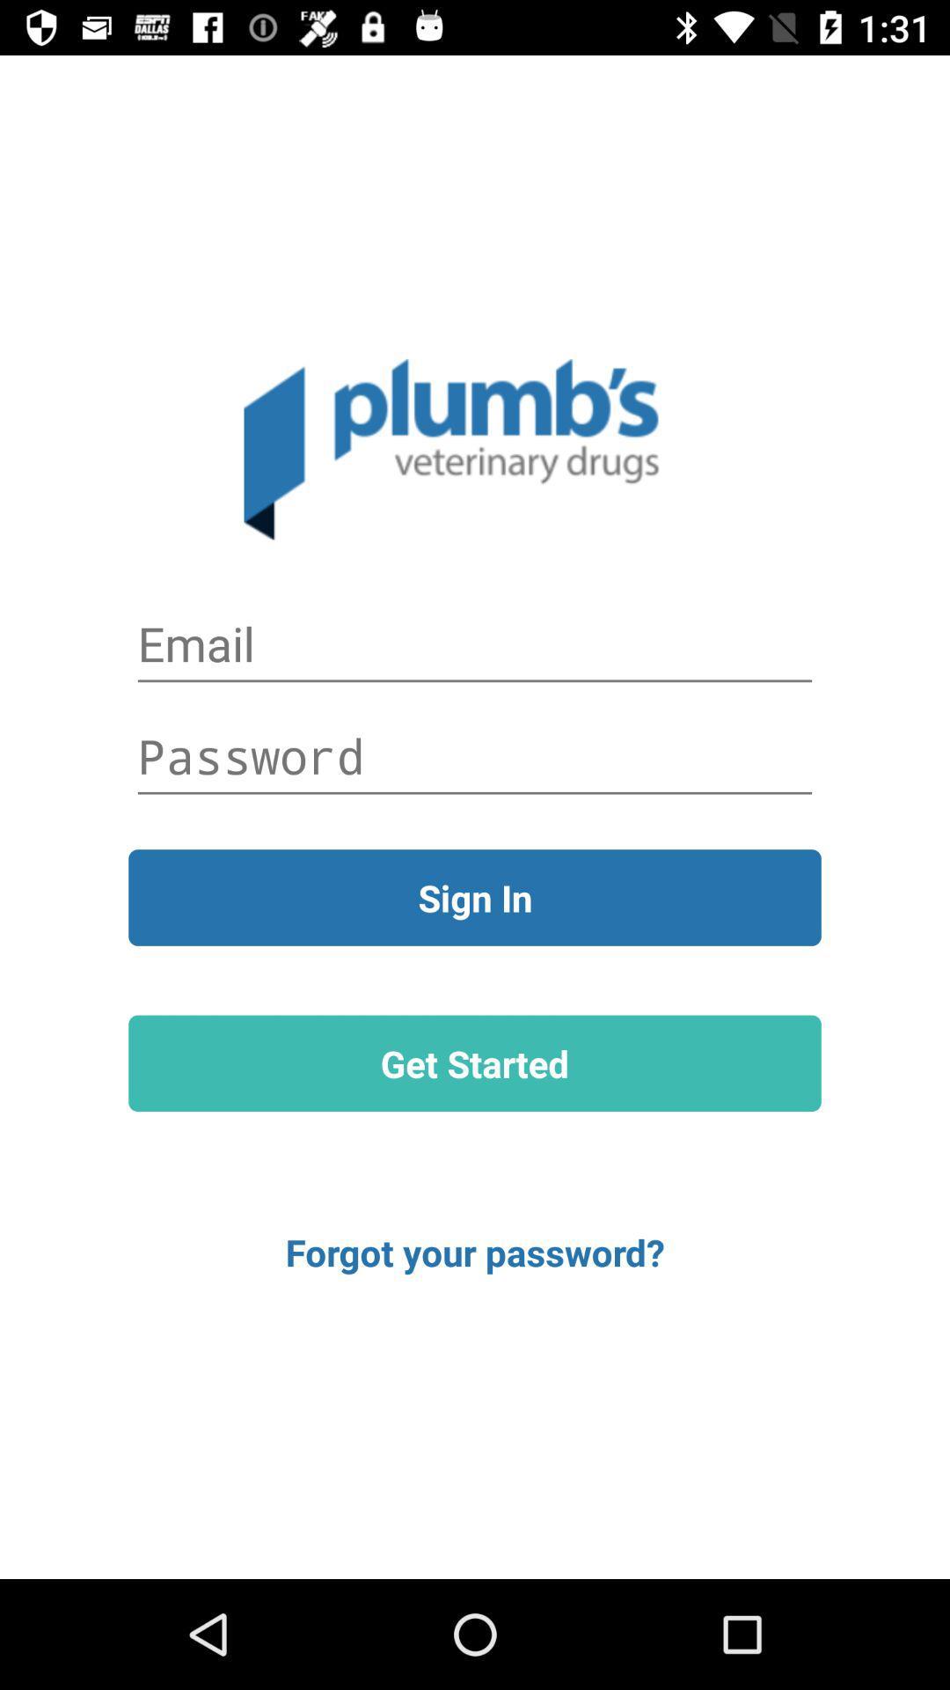 The height and width of the screenshot is (1690, 950). I want to click on icon below the sign in icon, so click(475, 1062).